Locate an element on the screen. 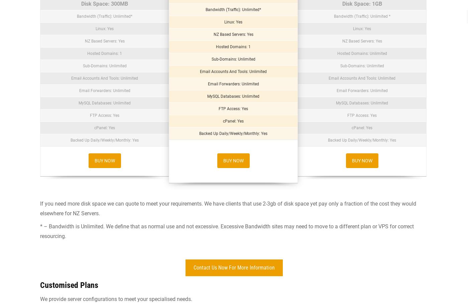 This screenshot has width=468, height=308. 'If you need more disk space we can quote to meet your requirements. We have clients that use 2-3gb of disk space yet pay only a fraction of the cost they would elsewhere for NZ Servers.' is located at coordinates (228, 208).